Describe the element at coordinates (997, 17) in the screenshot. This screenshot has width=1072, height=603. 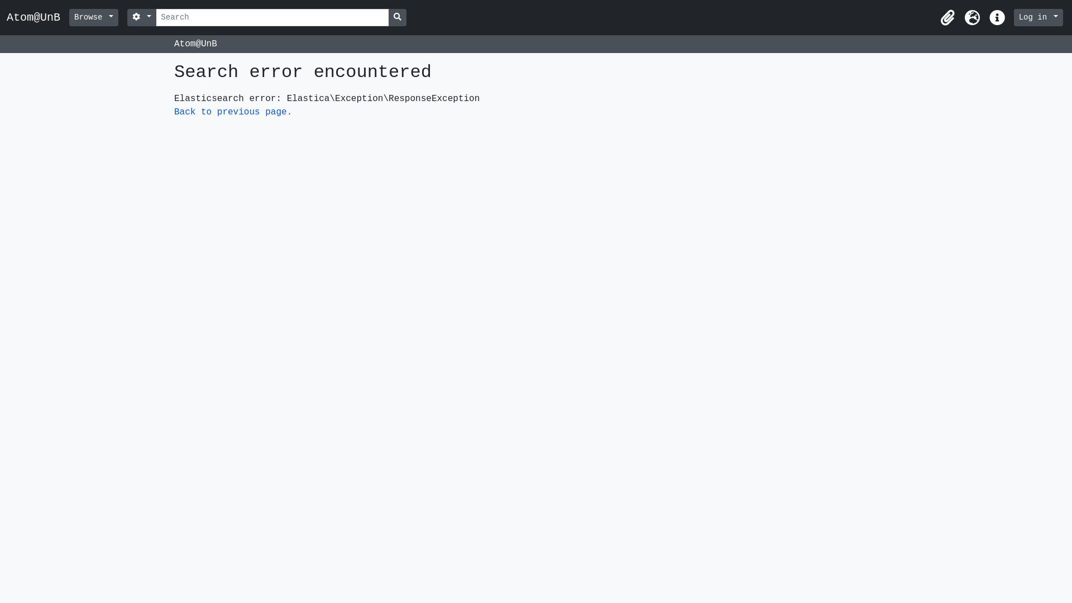
I see `'Quick links'` at that location.